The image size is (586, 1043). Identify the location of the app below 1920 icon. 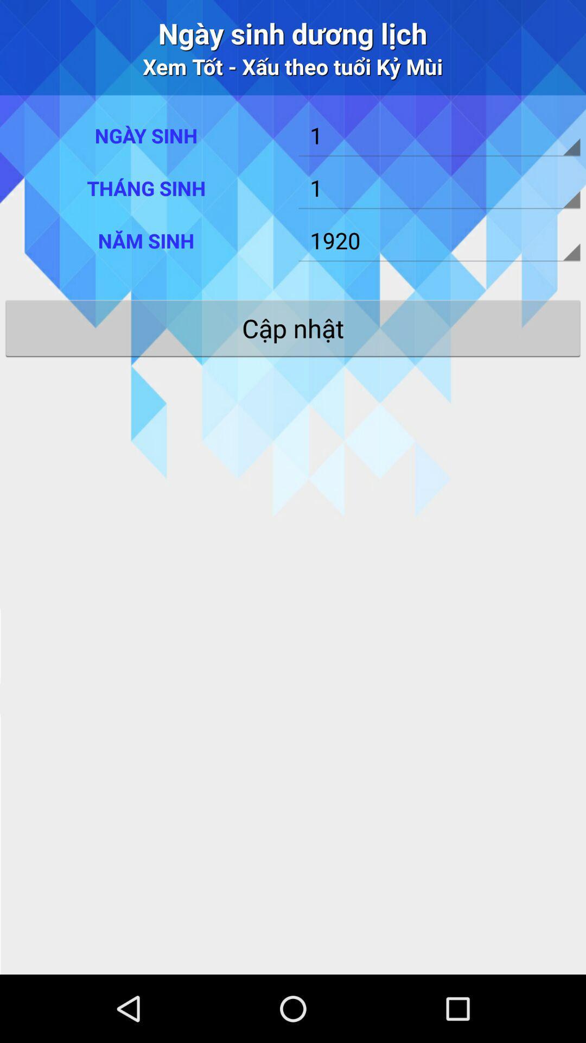
(293, 328).